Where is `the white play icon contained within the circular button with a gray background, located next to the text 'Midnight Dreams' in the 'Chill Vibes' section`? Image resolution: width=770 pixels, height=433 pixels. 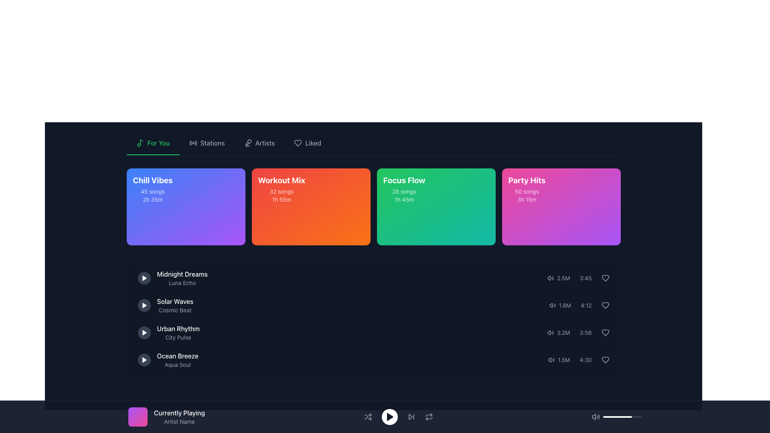 the white play icon contained within the circular button with a gray background, located next to the text 'Midnight Dreams' in the 'Chill Vibes' section is located at coordinates (144, 278).